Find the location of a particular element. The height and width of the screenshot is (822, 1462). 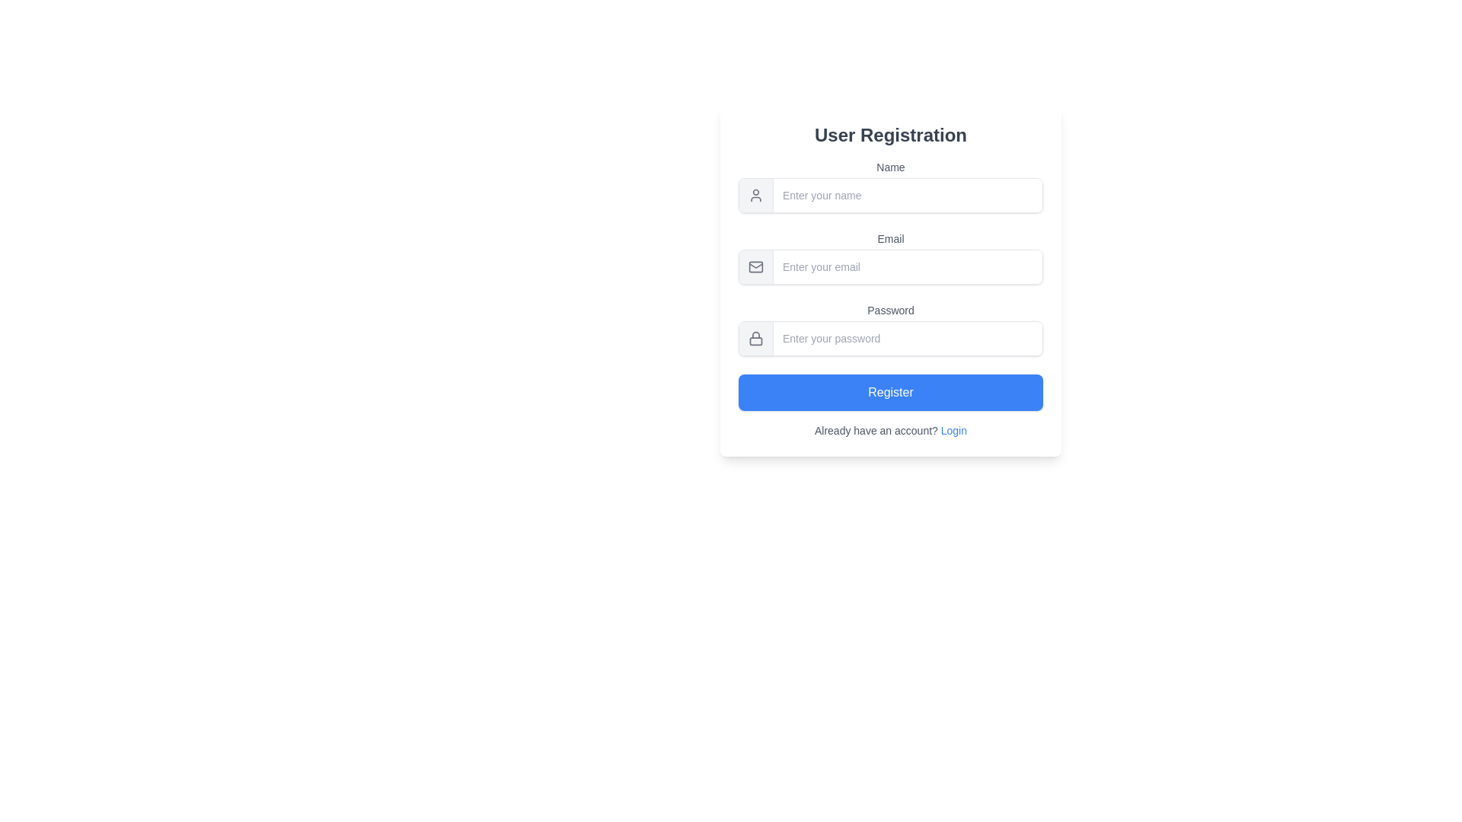

the hyperlink text 'Login' in the registration form that prompts users to log in if they already have an account is located at coordinates (891, 431).